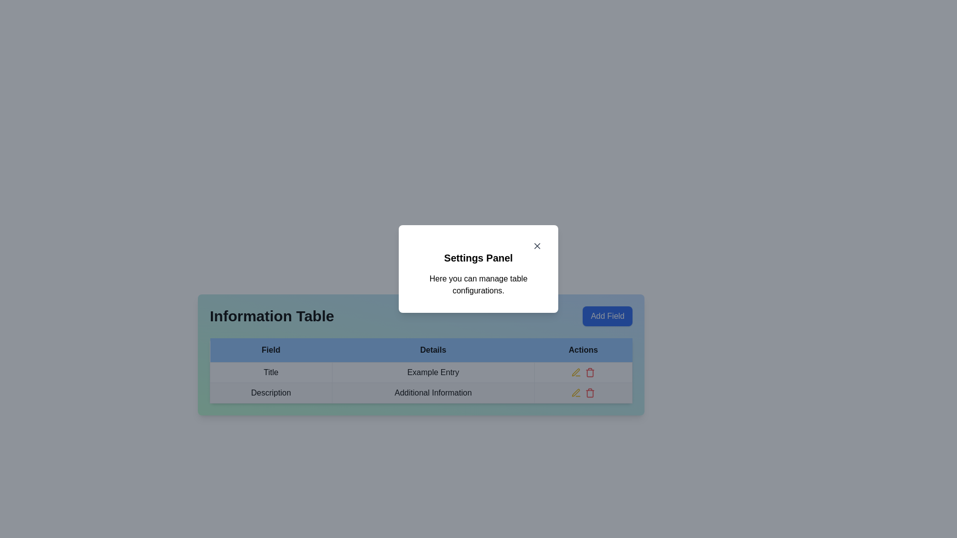 The height and width of the screenshot is (538, 957). Describe the element at coordinates (421, 349) in the screenshot. I see `the table header row located directly beneath the 'Information Table' section, which contains the column titles for the data below` at that location.